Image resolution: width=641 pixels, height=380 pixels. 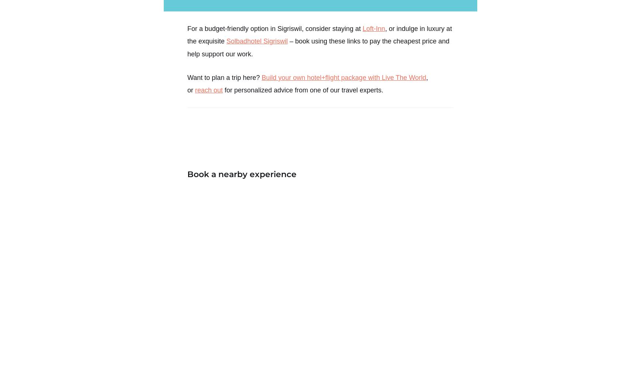 I want to click on 'Want to plan a trip here?', so click(x=187, y=77).